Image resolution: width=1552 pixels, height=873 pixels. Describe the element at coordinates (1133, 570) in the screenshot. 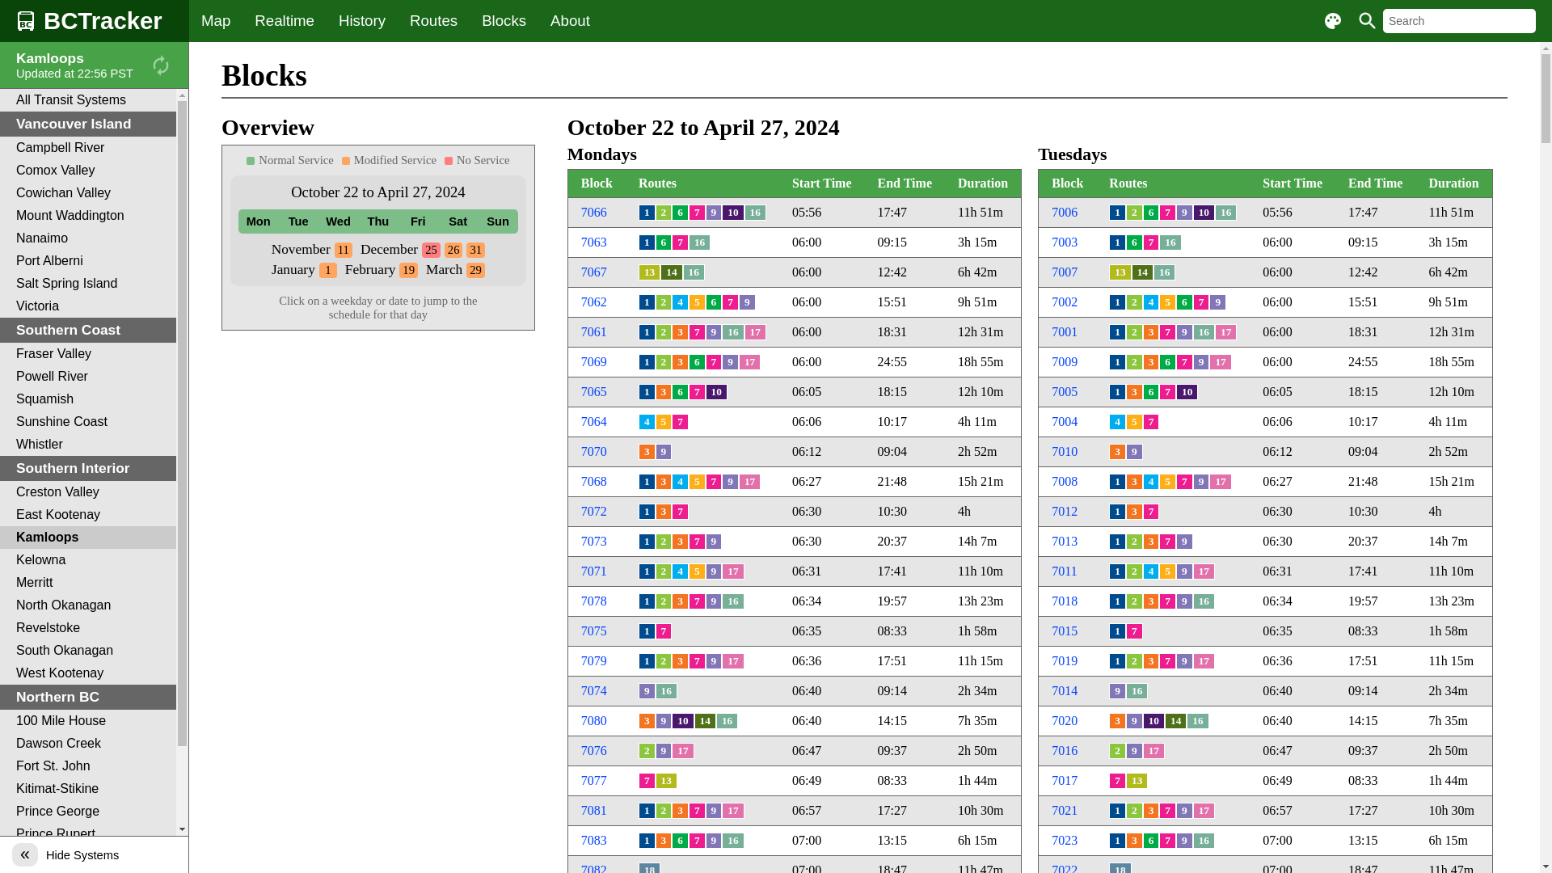

I see `'2'` at that location.